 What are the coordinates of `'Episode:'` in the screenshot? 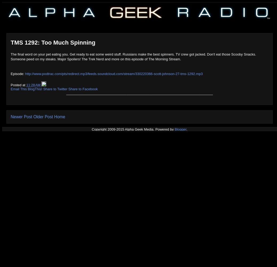 It's located at (17, 73).